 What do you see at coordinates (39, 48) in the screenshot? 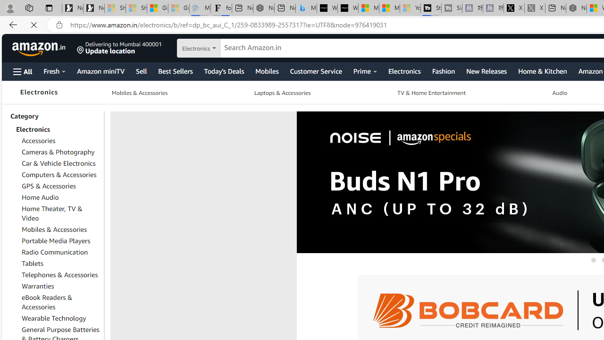
I see `'Amazon.in'` at bounding box center [39, 48].